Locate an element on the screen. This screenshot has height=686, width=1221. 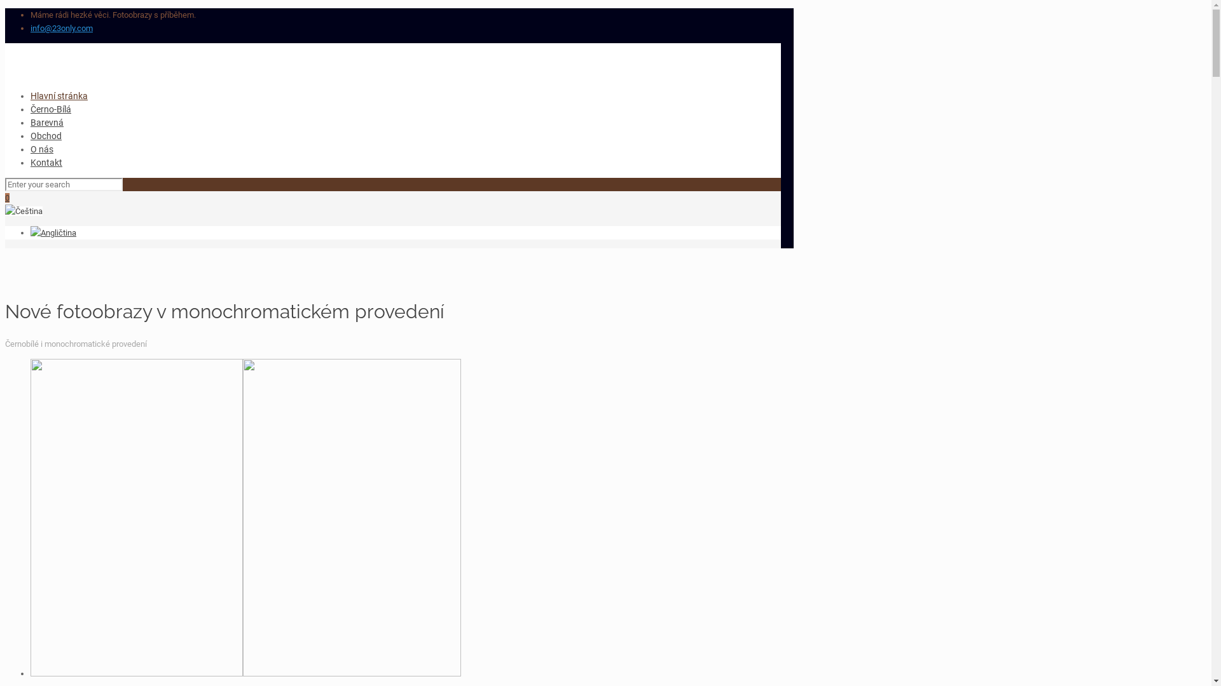
'info@23only.com' is located at coordinates (60, 28).